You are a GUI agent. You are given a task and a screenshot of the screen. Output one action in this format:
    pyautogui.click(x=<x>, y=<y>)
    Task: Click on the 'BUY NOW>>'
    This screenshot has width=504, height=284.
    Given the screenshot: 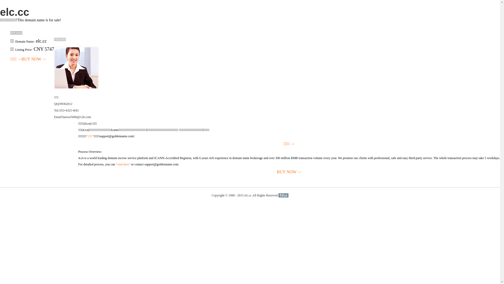 What is the action you would take?
    pyautogui.click(x=34, y=59)
    